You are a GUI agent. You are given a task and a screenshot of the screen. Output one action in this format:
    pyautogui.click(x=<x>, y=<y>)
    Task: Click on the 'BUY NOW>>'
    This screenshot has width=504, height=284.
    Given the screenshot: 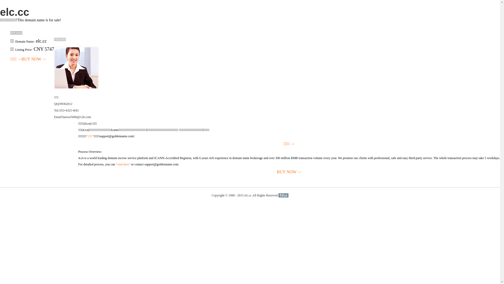 What is the action you would take?
    pyautogui.click(x=34, y=59)
    